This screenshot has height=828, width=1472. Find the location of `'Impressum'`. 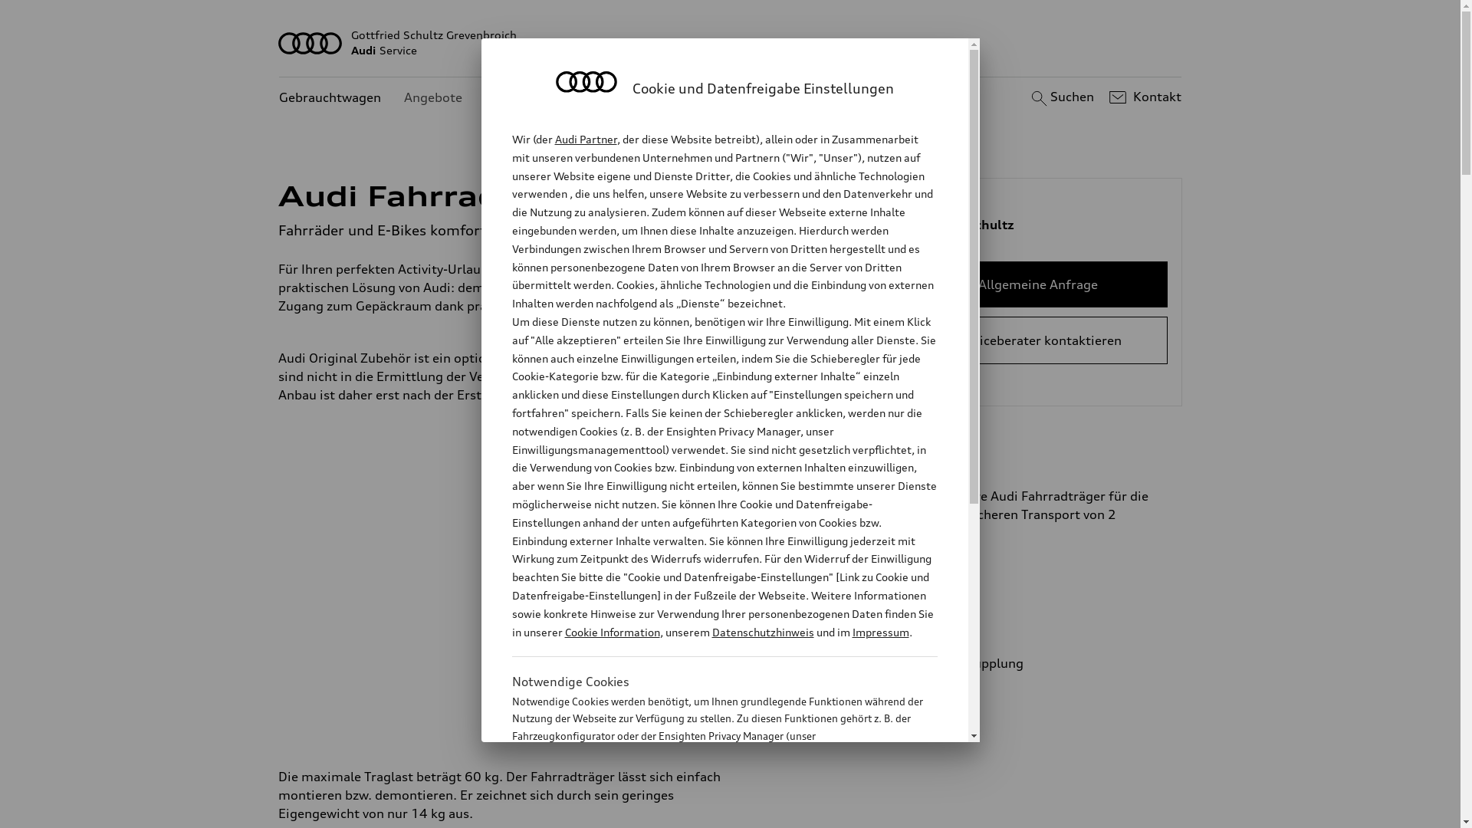

'Impressum' is located at coordinates (880, 632).